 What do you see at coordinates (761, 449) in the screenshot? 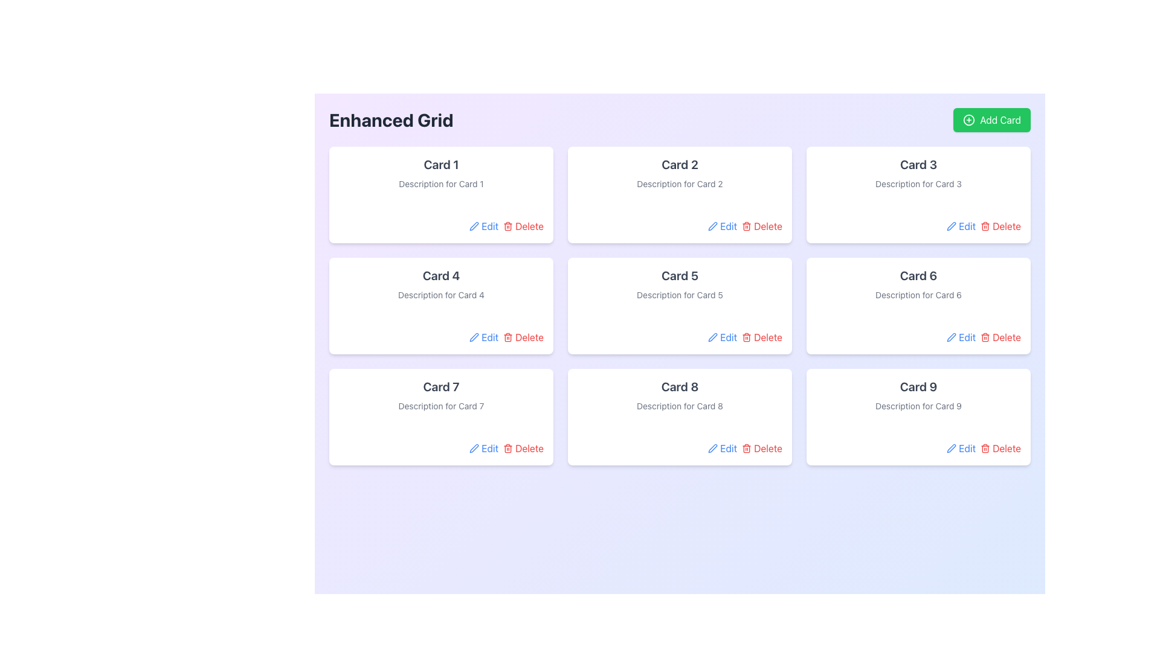
I see `the 'Delete' button, which is styled with red text and a trash can icon, located at the bottom-right of 'Card 8'` at bounding box center [761, 449].